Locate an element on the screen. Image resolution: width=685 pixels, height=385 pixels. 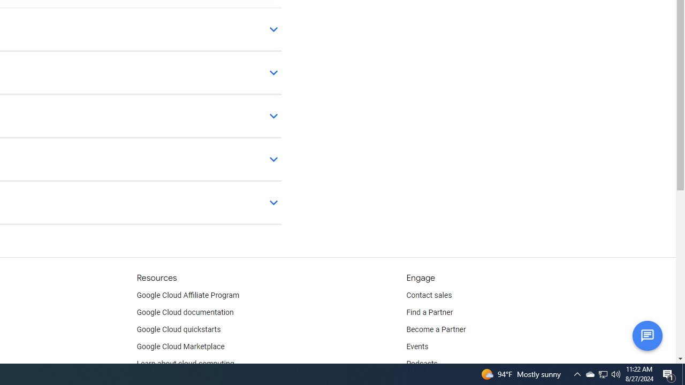
'Events' is located at coordinates (417, 347).